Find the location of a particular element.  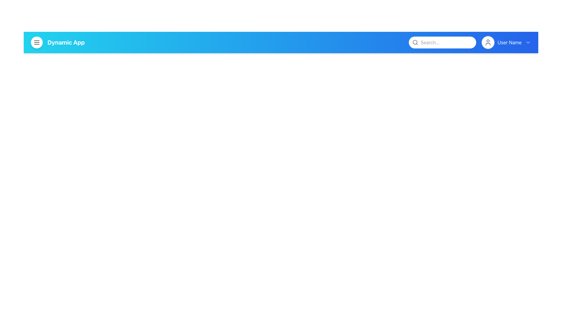

the Profile menu toggle, which is a rounded white icon with a user glyph on the left, followed by the text 'User Name' in white, and a downward-facing chevron on a blue background, located on the far-right of the header bar adjacent to the search bar is located at coordinates (506, 42).